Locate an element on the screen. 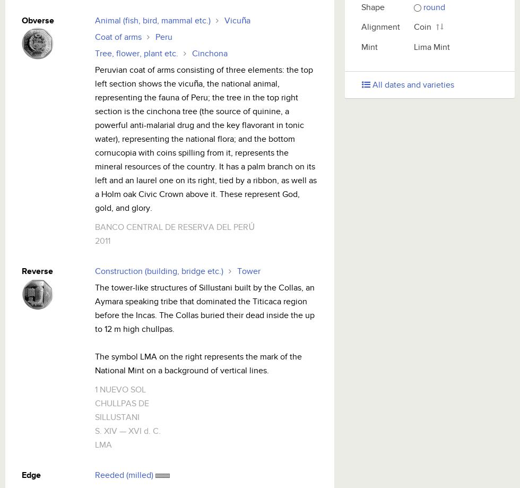  'Edge' is located at coordinates (31, 475).